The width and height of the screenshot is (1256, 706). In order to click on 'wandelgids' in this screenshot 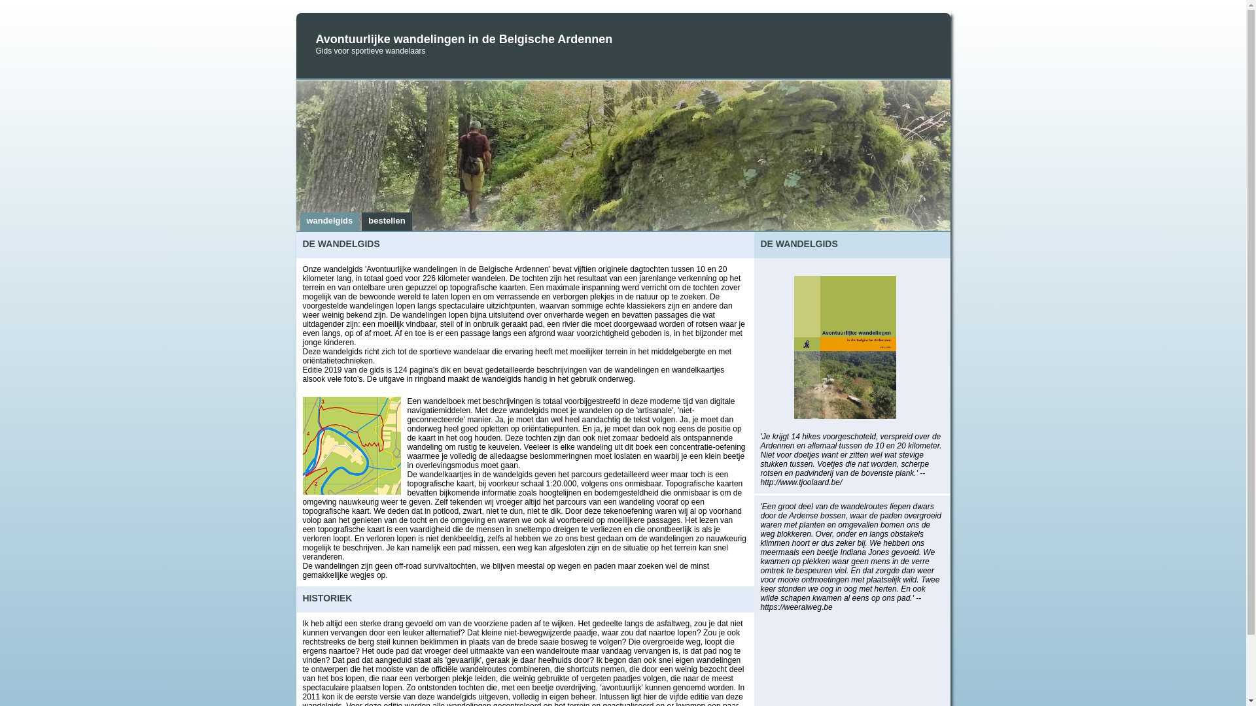, I will do `click(329, 221)`.